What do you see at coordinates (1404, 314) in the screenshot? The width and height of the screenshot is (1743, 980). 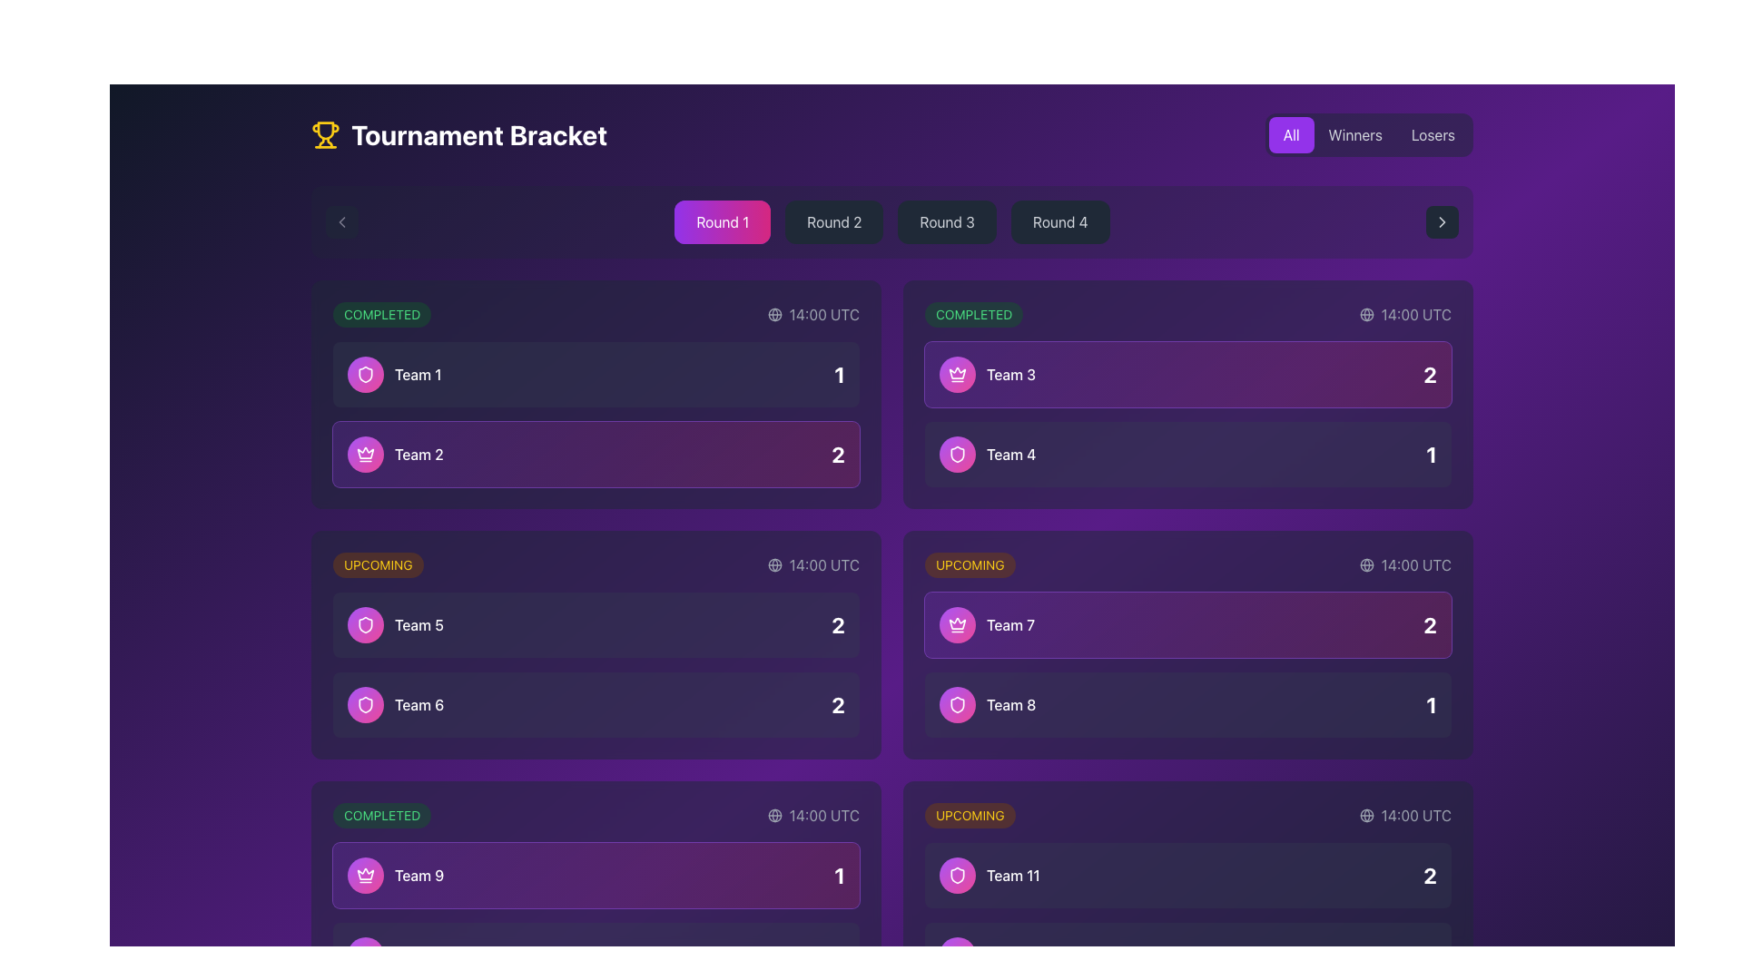 I see `the label with icon indicating the scheduled time or timestamp associated with an event, located near the top-right corner of the 'COMPLETED' section` at bounding box center [1404, 314].